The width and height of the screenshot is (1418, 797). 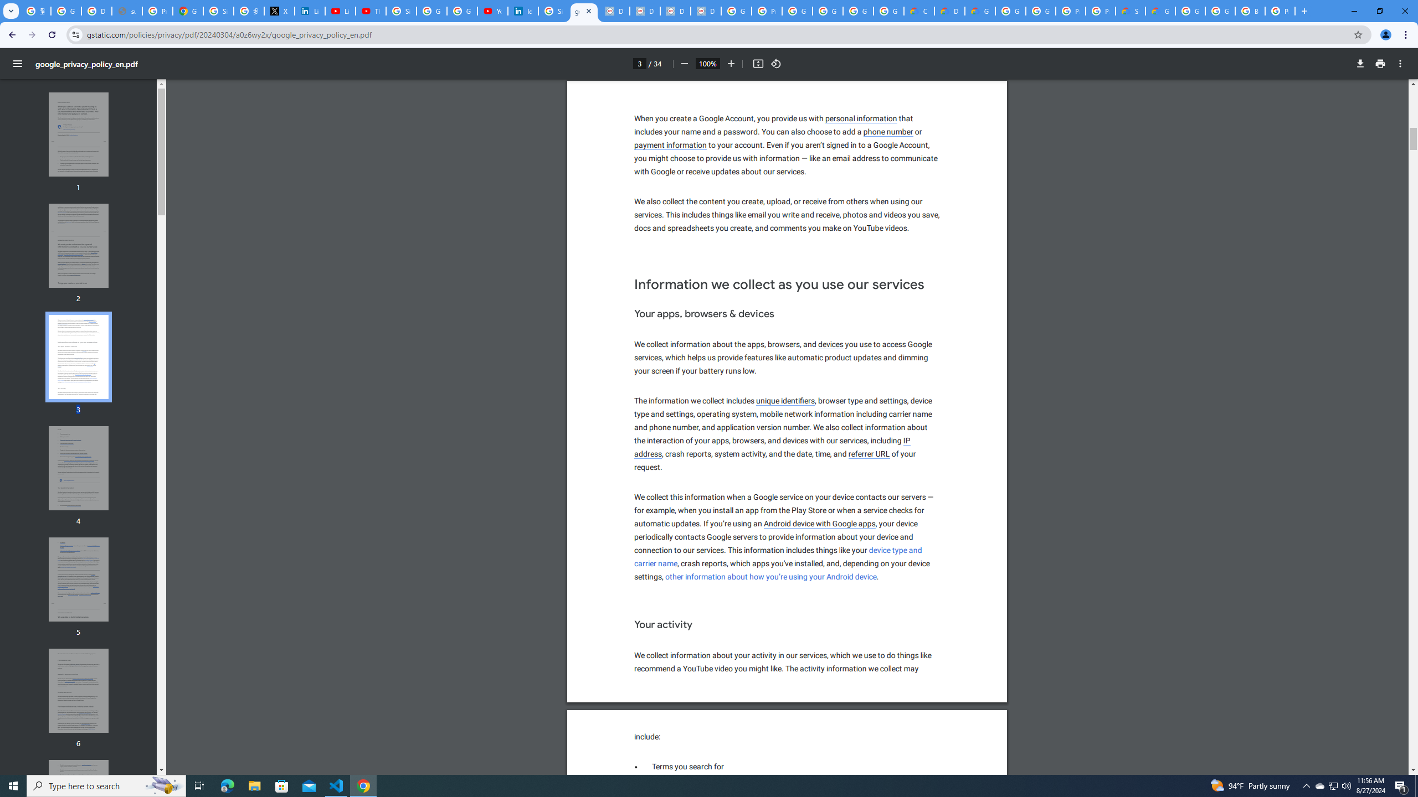 I want to click on 'Identity verification via Persona | LinkedIn Help', so click(x=522, y=11).